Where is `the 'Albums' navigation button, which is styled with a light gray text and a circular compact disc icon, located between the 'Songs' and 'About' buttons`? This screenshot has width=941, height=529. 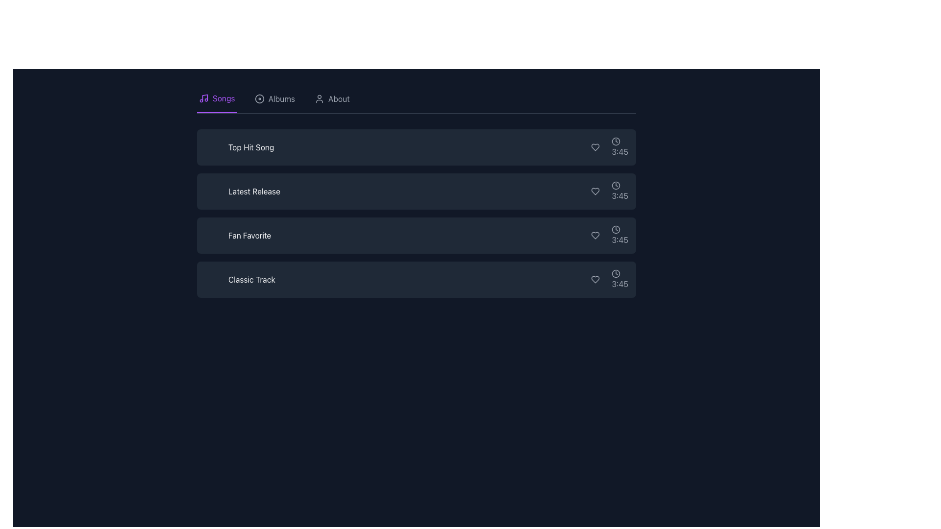
the 'Albums' navigation button, which is styled with a light gray text and a circular compact disc icon, located between the 'Songs' and 'About' buttons is located at coordinates (274, 98).